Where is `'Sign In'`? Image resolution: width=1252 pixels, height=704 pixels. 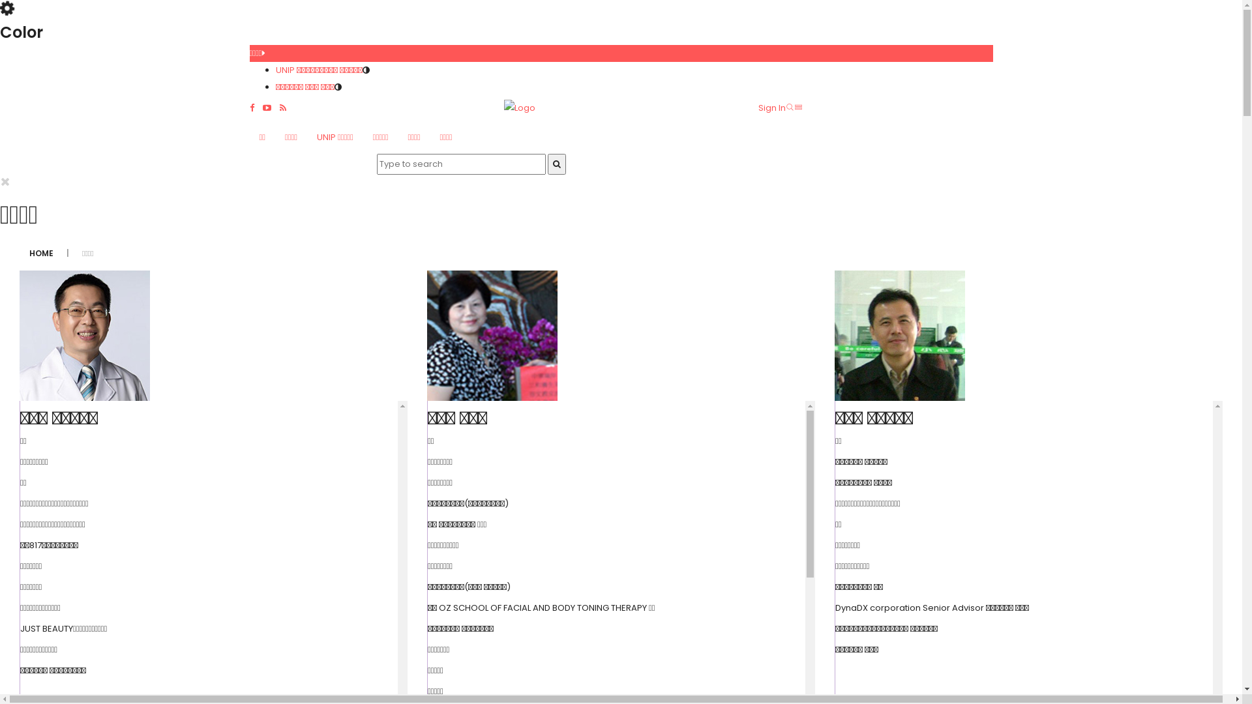
'Sign In' is located at coordinates (771, 107).